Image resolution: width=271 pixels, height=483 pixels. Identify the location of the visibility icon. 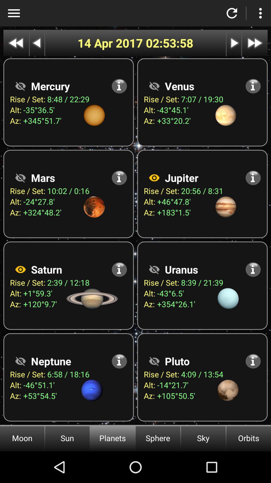
(20, 269).